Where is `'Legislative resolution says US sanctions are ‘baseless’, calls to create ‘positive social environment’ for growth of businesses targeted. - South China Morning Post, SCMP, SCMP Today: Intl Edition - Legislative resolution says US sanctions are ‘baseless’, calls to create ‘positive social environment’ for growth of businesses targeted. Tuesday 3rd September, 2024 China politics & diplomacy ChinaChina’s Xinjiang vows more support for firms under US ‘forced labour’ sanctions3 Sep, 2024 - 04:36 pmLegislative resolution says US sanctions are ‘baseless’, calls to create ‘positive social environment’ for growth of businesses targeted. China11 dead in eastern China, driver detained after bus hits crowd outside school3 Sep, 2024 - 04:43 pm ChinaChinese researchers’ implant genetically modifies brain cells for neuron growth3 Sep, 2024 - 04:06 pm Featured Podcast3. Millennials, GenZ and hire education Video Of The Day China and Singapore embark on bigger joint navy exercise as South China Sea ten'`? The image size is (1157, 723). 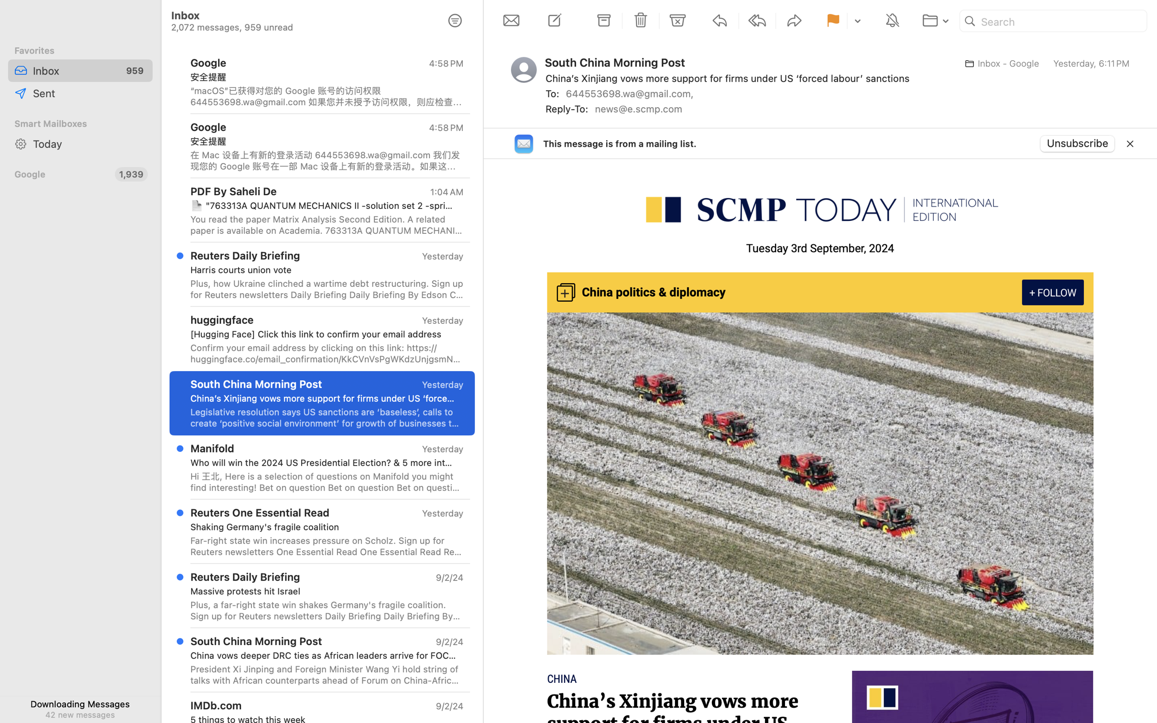
'Legislative resolution says US sanctions are ‘baseless’, calls to create ‘positive social environment’ for growth of businesses targeted. - South China Morning Post, SCMP, SCMP Today: Intl Edition - Legislative resolution says US sanctions are ‘baseless’, calls to create ‘positive social environment’ for growth of businesses targeted. Tuesday 3rd September, 2024 China politics & diplomacy ChinaChina’s Xinjiang vows more support for firms under US ‘forced labour’ sanctions3 Sep, 2024 - 04:36 pmLegislative resolution says US sanctions are ‘baseless’, calls to create ‘positive social environment’ for growth of businesses targeted. China11 dead in eastern China, driver detained after bus hits crowd outside school3 Sep, 2024 - 04:43 pm ChinaChinese researchers’ implant genetically modifies brain cells for neuron growth3 Sep, 2024 - 04:06 pm Featured Podcast3. Millennials, GenZ and hire education Video Of The Day China and Singapore embark on bigger joint navy exercise as South China Sea ten' is located at coordinates (326, 418).